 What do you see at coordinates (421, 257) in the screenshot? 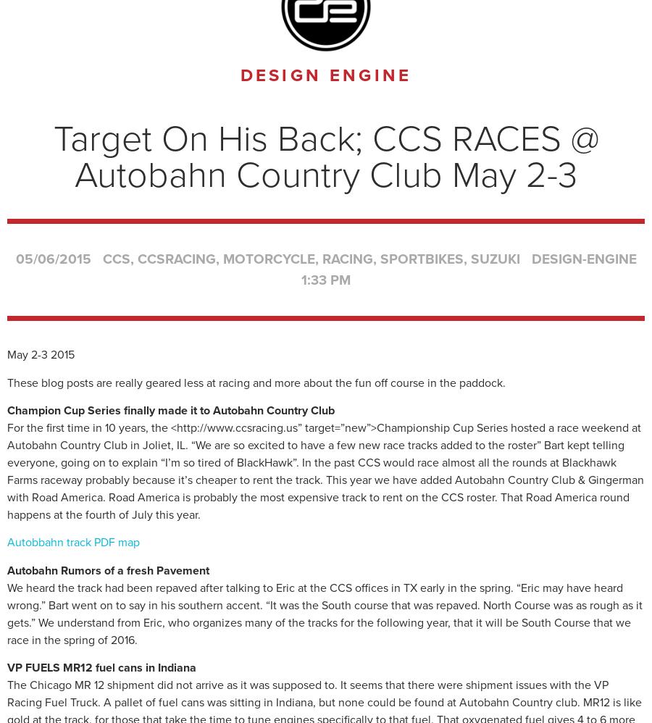
I see `'sportbikes'` at bounding box center [421, 257].